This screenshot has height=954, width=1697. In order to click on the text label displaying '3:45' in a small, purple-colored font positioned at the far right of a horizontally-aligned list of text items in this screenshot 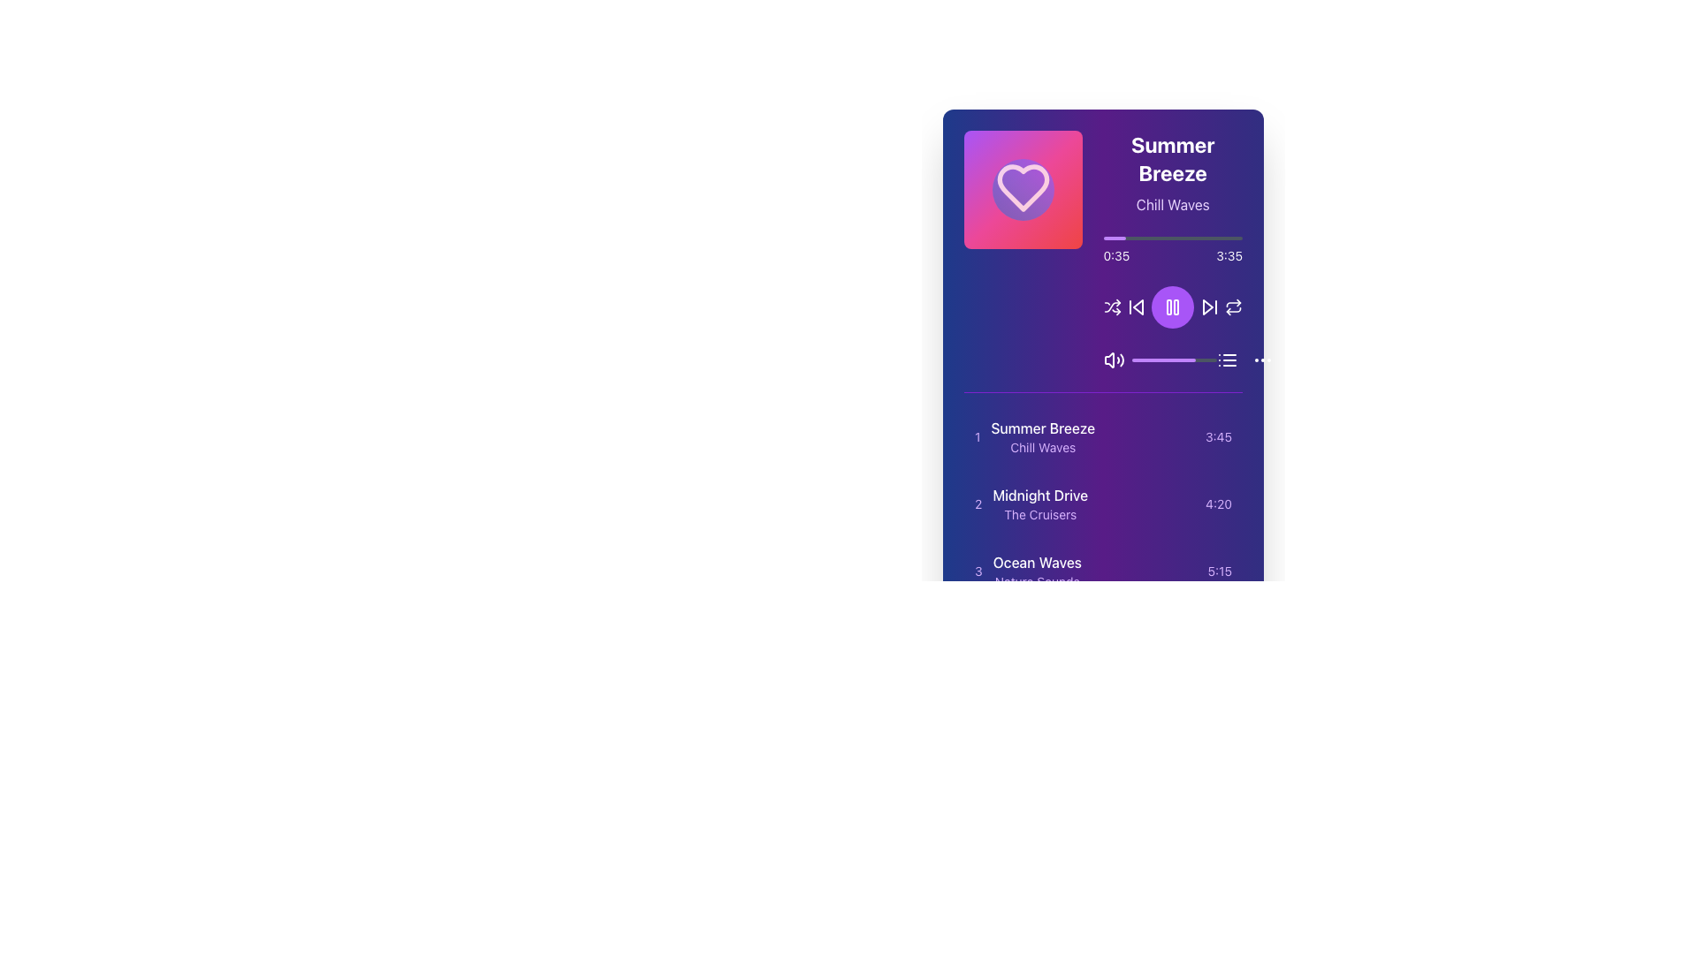, I will do `click(1217, 436)`.